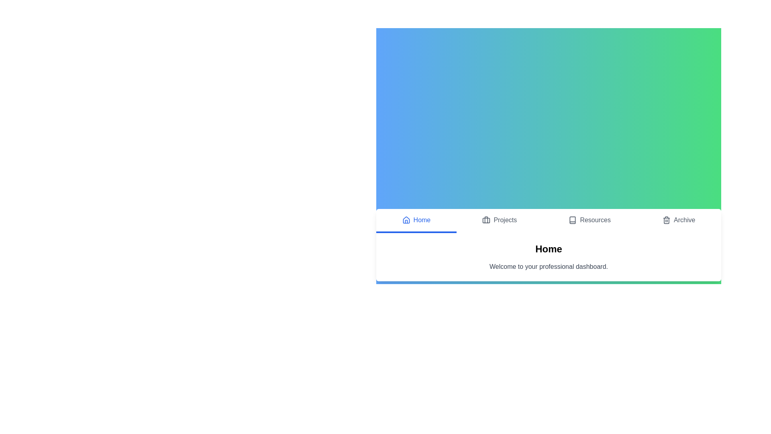 Image resolution: width=771 pixels, height=434 pixels. I want to click on the icon of the Home tab, so click(406, 220).